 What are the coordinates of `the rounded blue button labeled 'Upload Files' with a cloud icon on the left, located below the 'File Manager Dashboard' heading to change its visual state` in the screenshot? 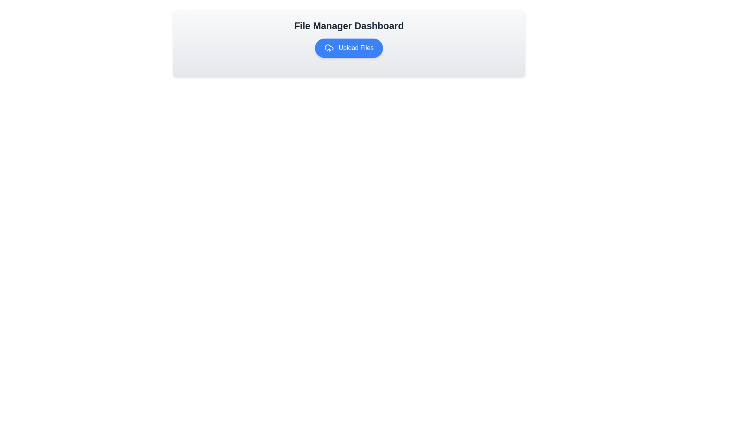 It's located at (348, 48).